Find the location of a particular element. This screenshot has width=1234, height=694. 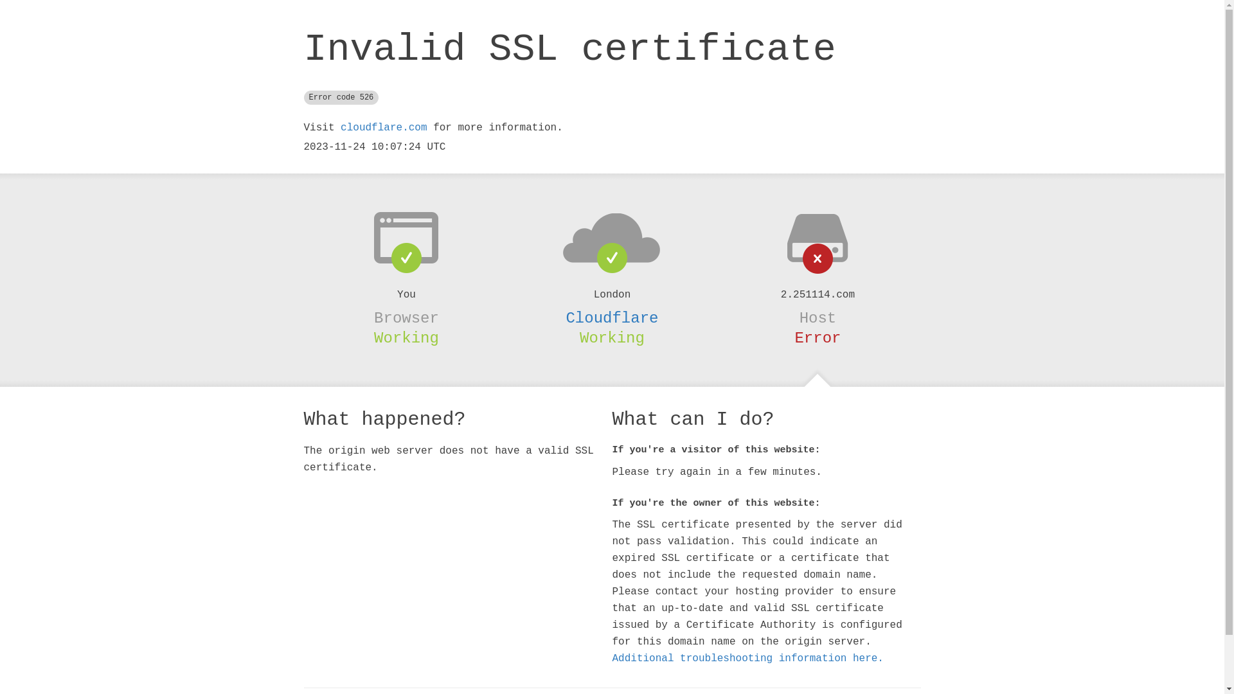

'Additional troubleshooting information here.' is located at coordinates (747, 659).